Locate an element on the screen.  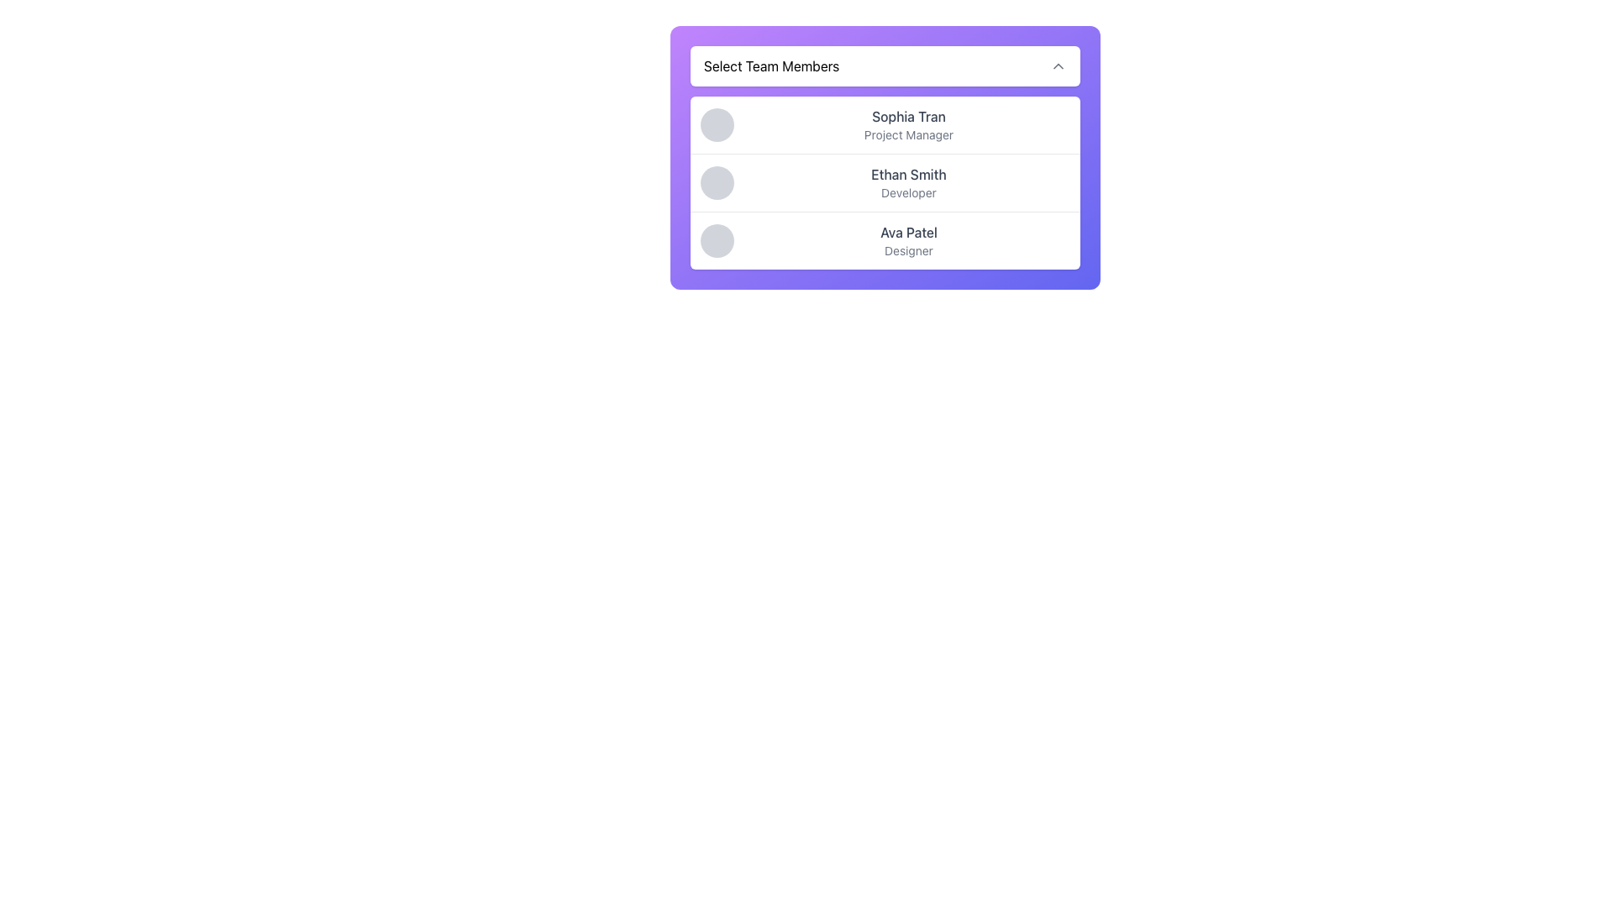
the first list item in the 'Select Team Members' dropdown menu, which displays the text 'Sophia Tran' and includes a profile icon is located at coordinates (885, 124).